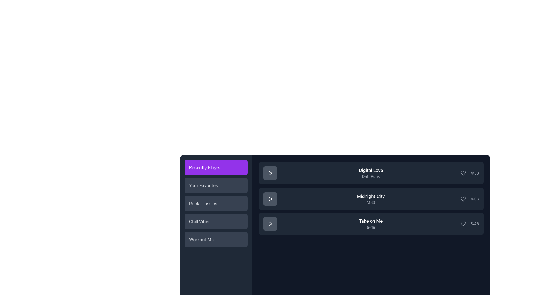 This screenshot has height=304, width=541. Describe the element at coordinates (463, 198) in the screenshot. I see `the heart icon button next to the song title 'Midnight City' by 'M83' to mark it as liked` at that location.